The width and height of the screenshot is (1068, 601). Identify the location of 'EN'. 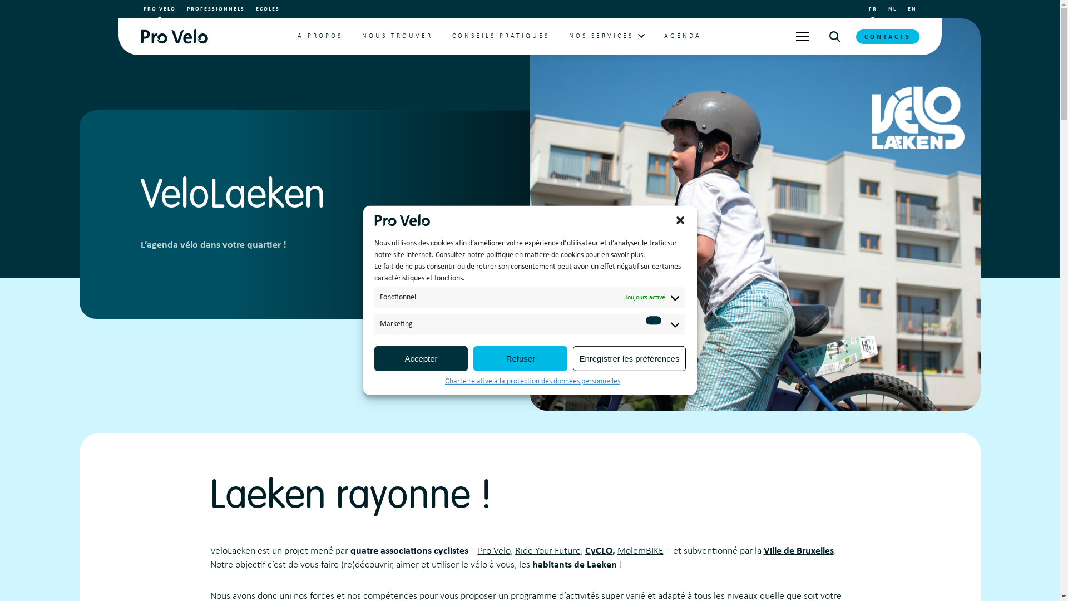
(912, 9).